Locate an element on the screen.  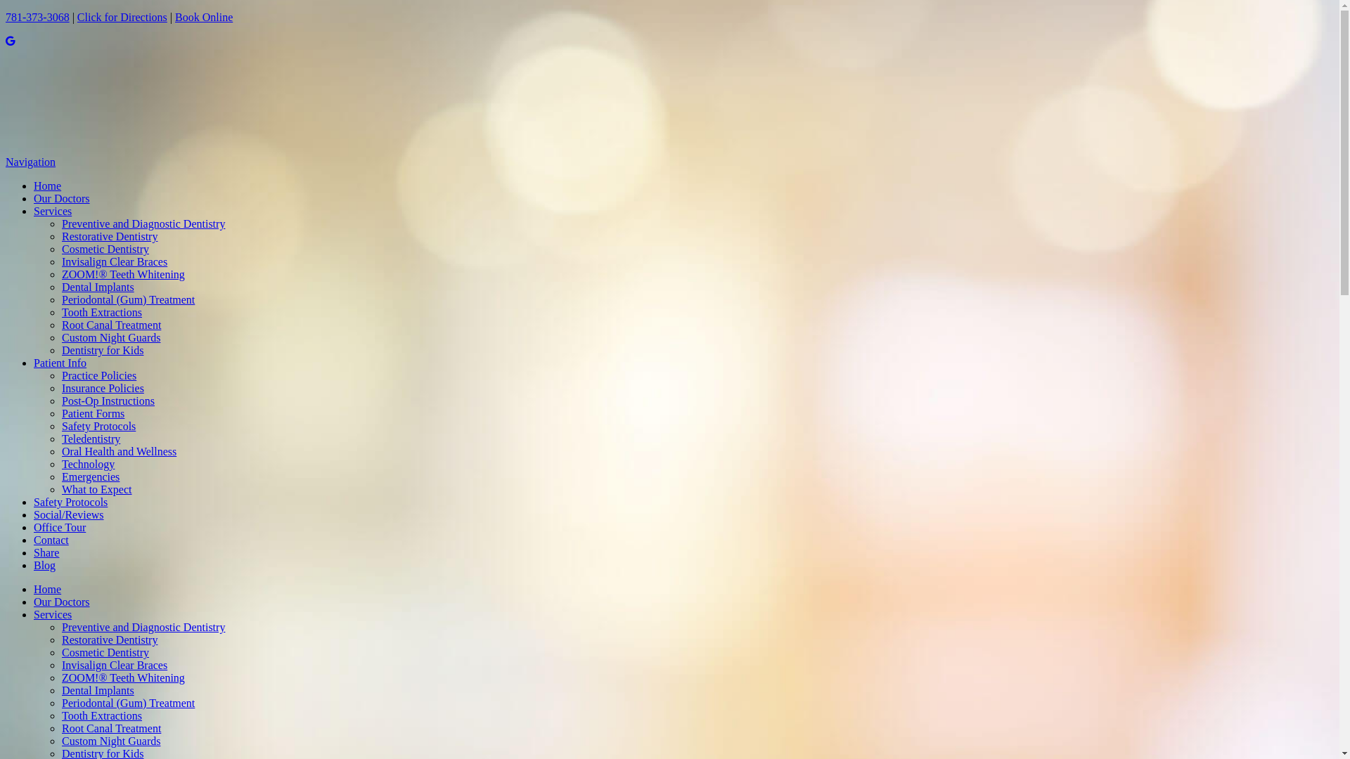
'Safety Protocols' is located at coordinates (34, 501).